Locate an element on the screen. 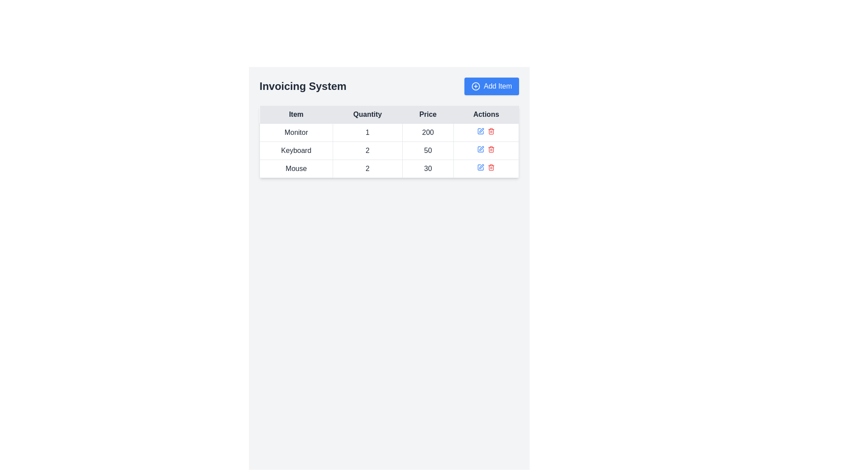  the button located in the top-right corner of the 'Invoicing System' interface is located at coordinates (491, 86).